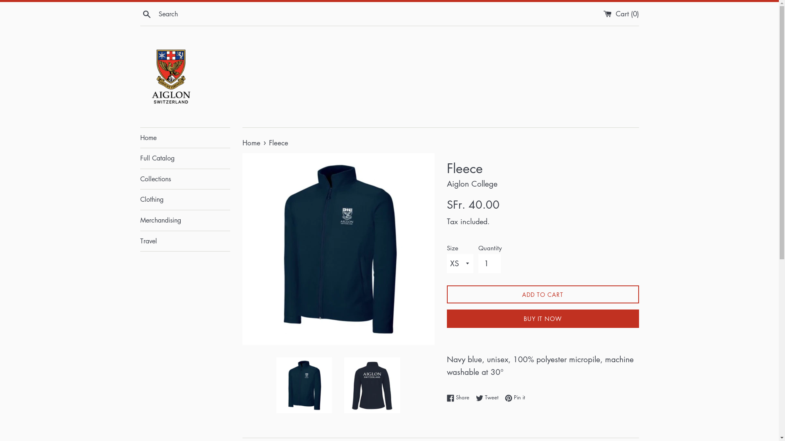 This screenshot has width=785, height=441. I want to click on 'Travel', so click(184, 241).